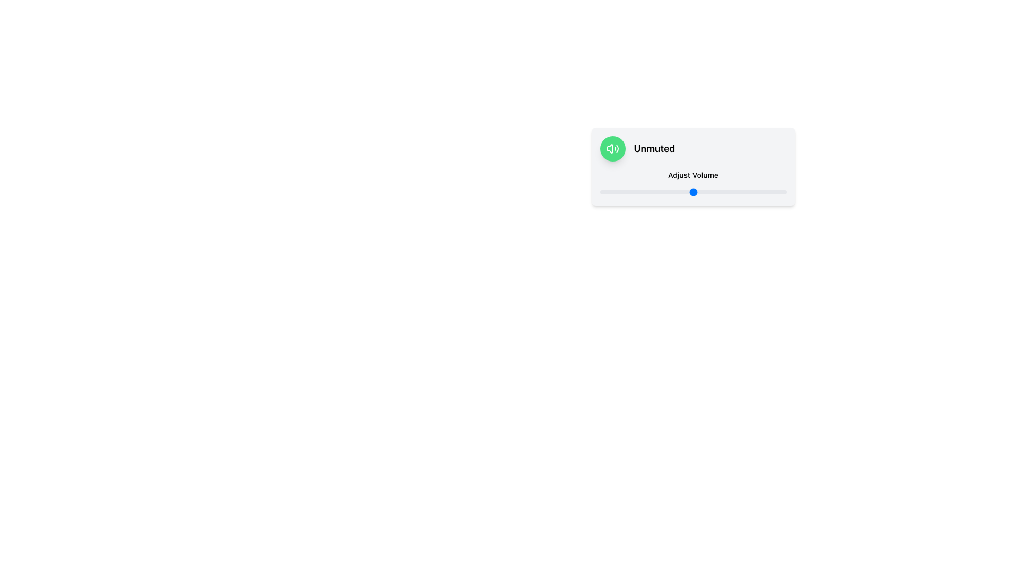 This screenshot has height=572, width=1018. Describe the element at coordinates (771, 192) in the screenshot. I see `the volume` at that location.